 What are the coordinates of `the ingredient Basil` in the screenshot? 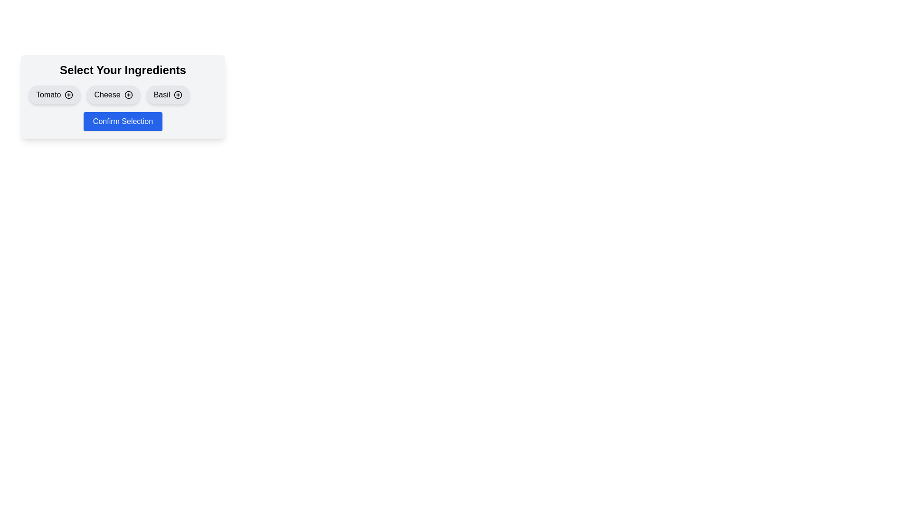 It's located at (168, 95).